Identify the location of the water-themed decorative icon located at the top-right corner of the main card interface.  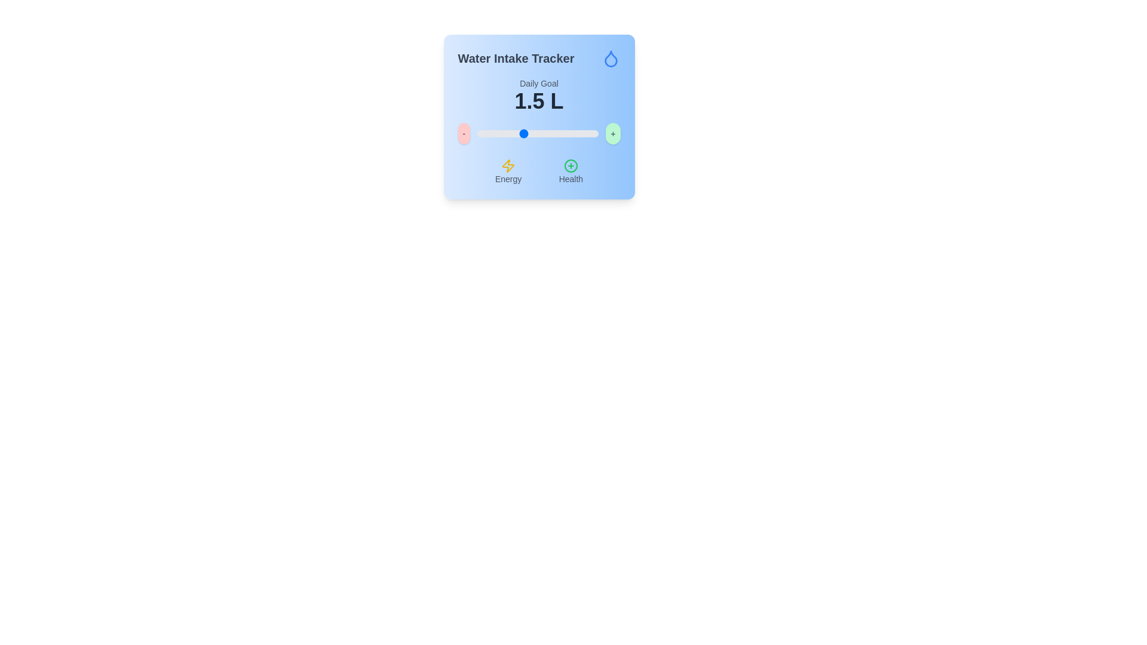
(611, 59).